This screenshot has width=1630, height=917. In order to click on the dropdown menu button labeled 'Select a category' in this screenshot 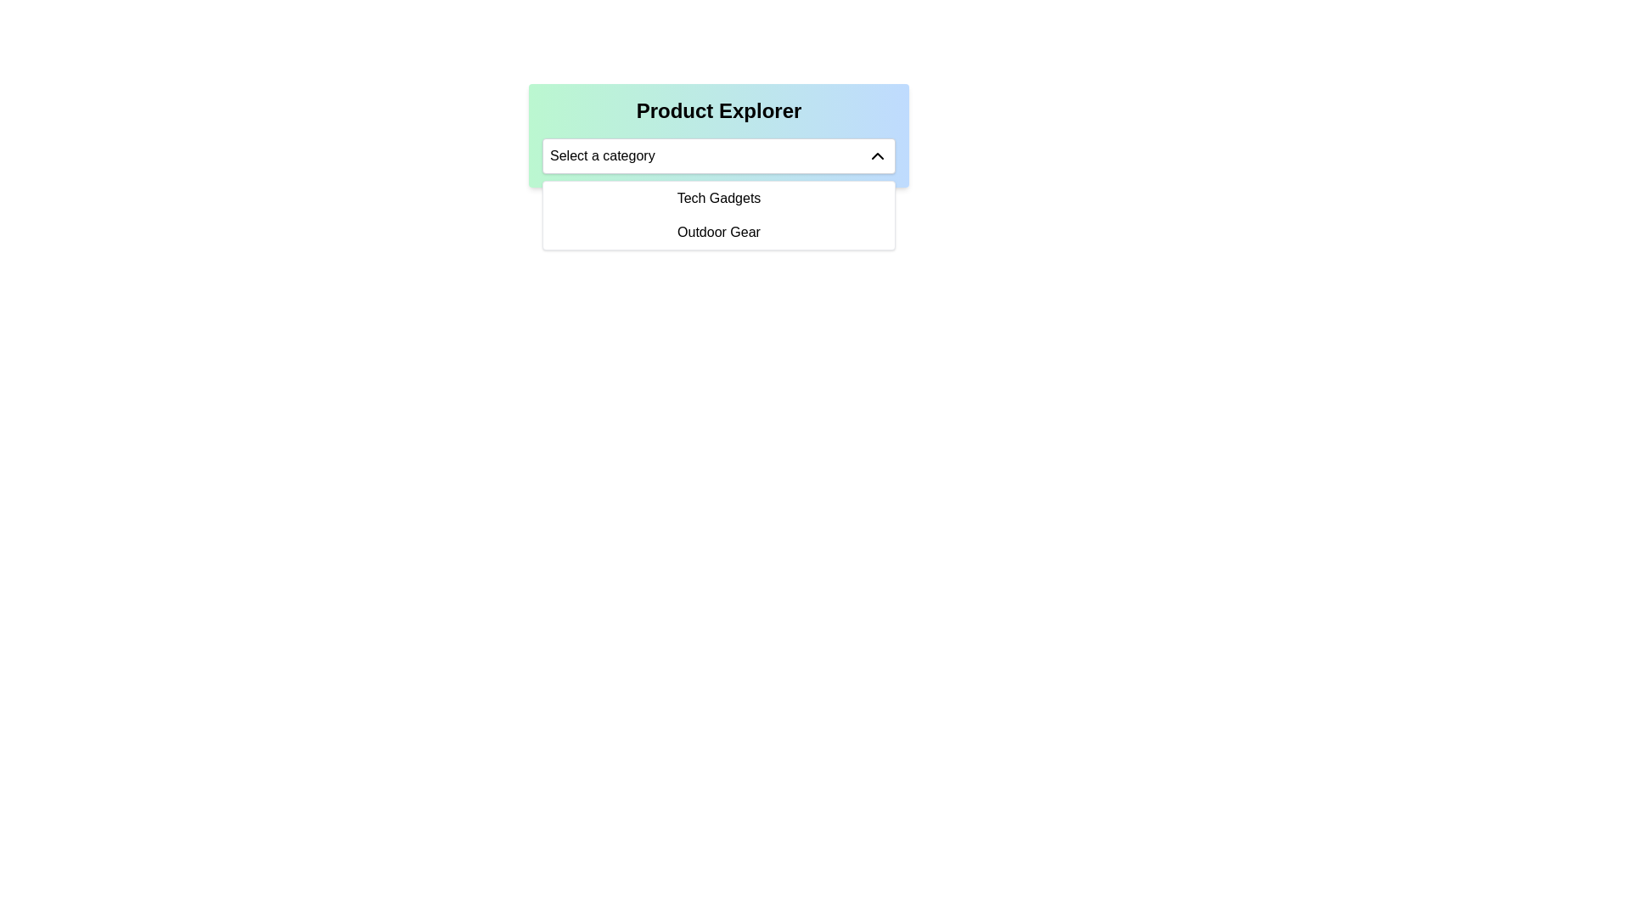, I will do `click(718, 156)`.